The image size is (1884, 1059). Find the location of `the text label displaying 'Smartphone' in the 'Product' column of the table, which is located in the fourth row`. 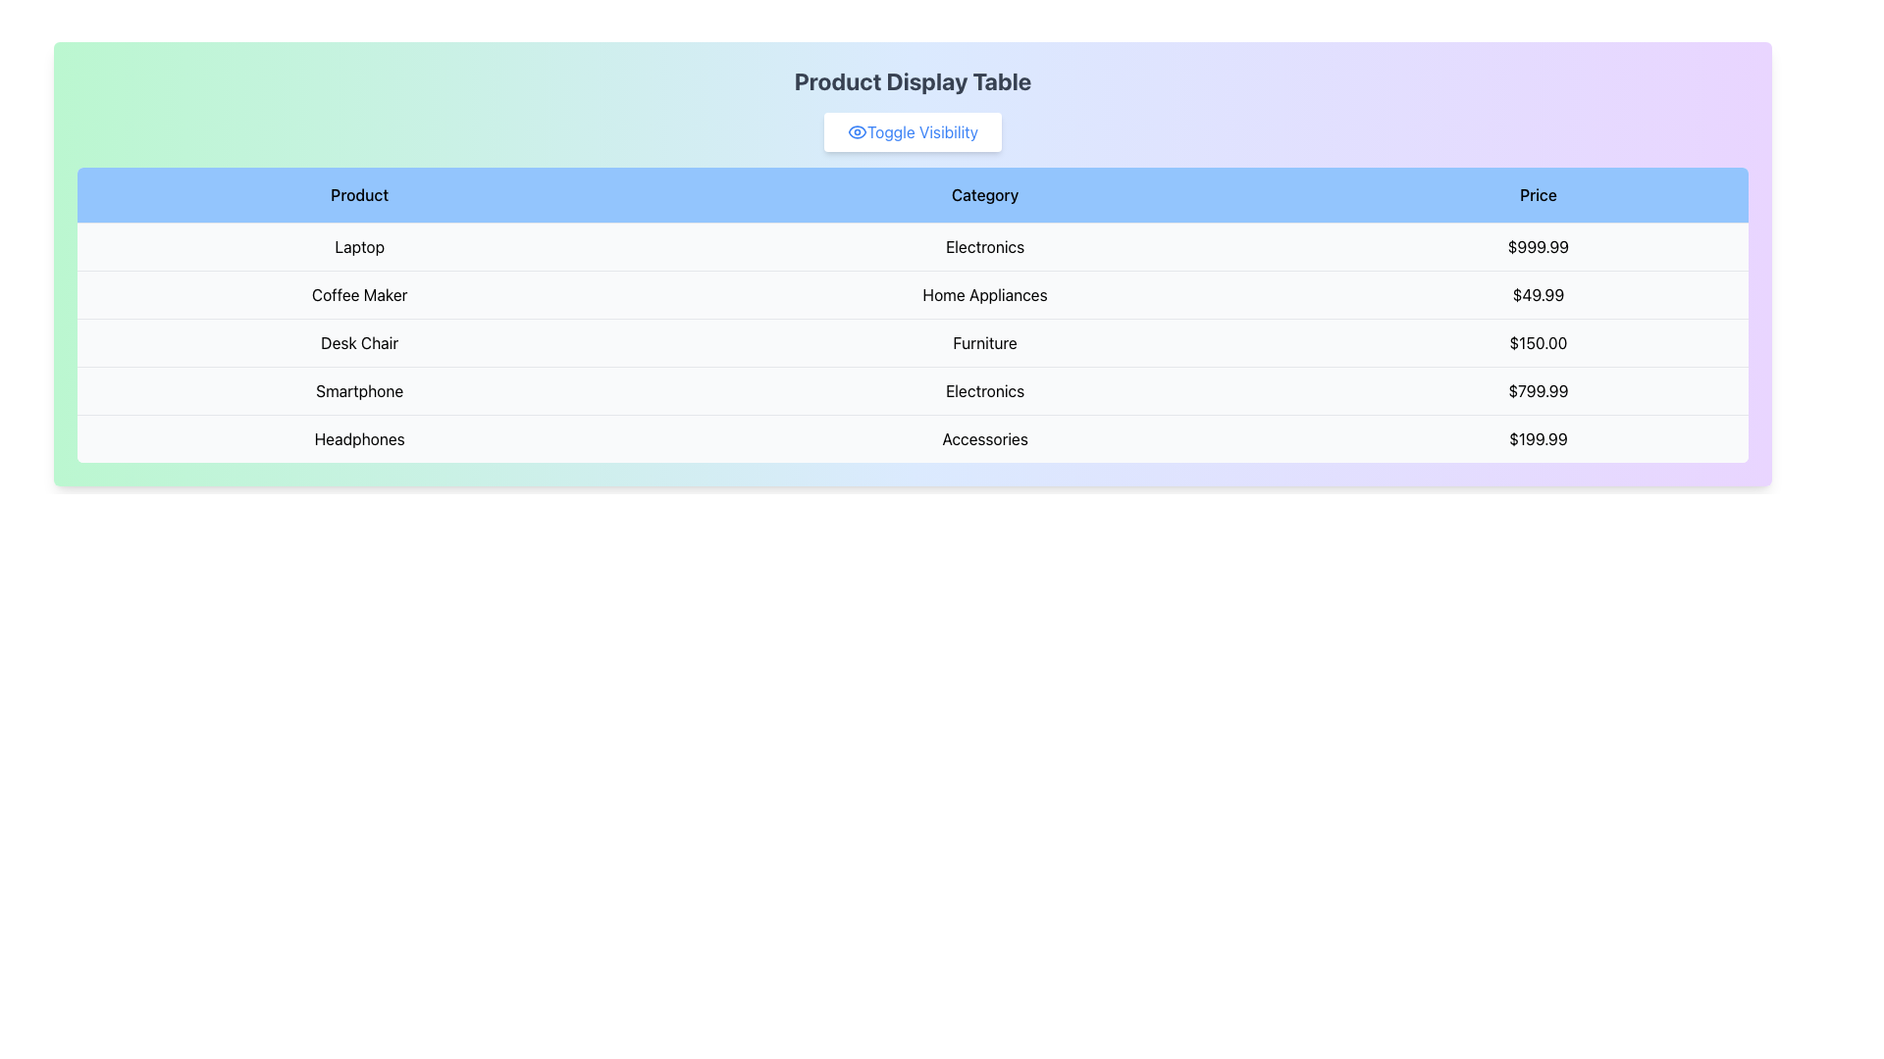

the text label displaying 'Smartphone' in the 'Product' column of the table, which is located in the fourth row is located at coordinates (359, 390).